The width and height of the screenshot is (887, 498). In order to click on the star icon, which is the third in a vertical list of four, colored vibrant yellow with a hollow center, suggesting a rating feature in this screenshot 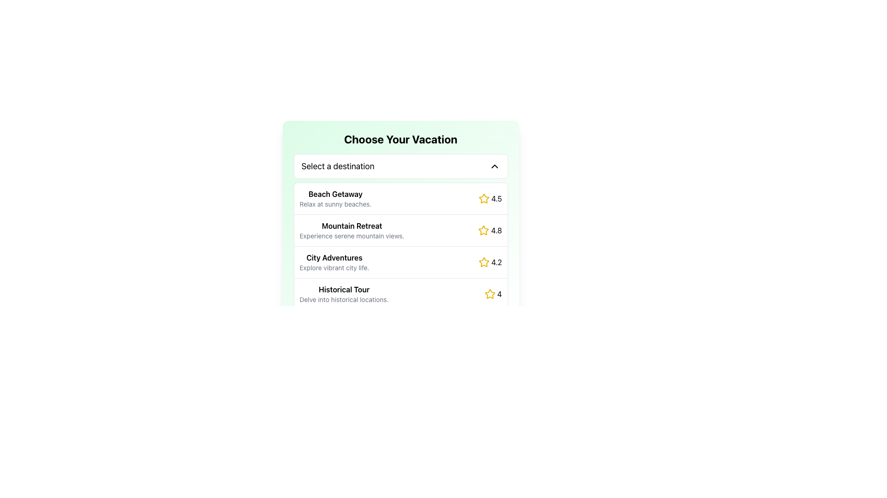, I will do `click(489, 294)`.